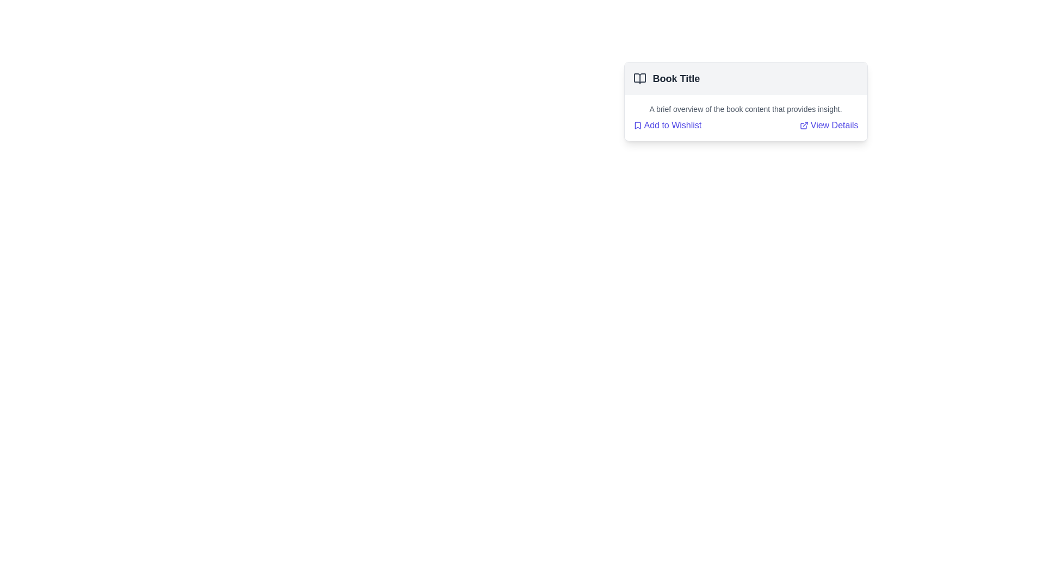 This screenshot has height=587, width=1044. I want to click on the text paragraph styled in a small gray font, located directly below the title section and above the 'Add to Wishlist' and 'View Details' options, so click(745, 109).